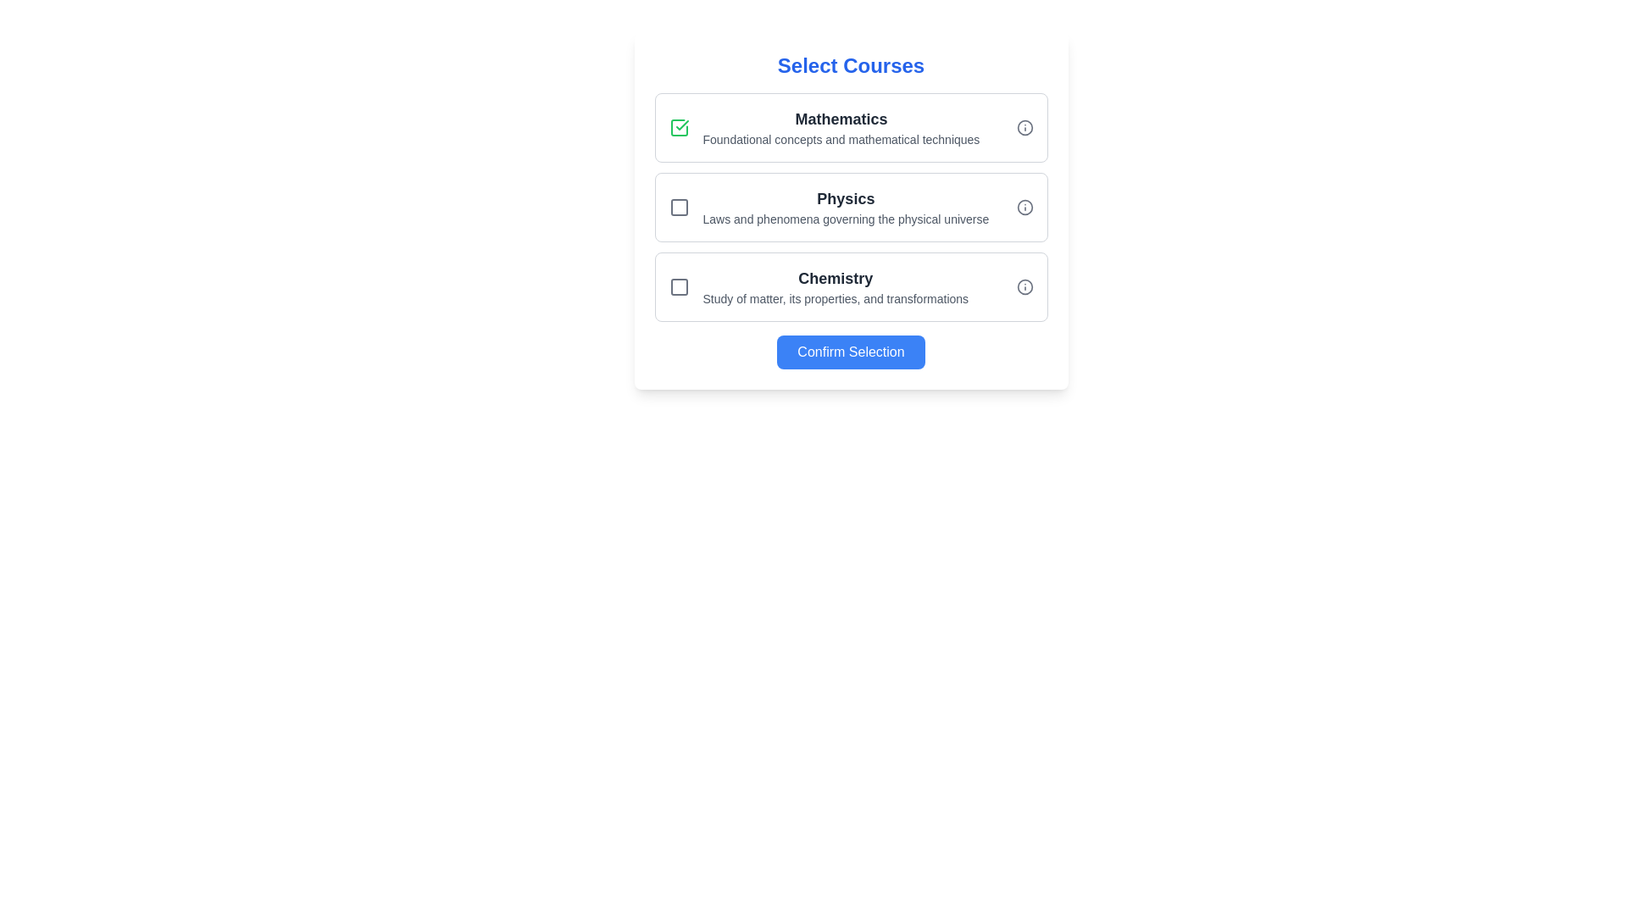 The image size is (1627, 915). What do you see at coordinates (679, 286) in the screenshot?
I see `the selection state icon for the 'Chemistry' option in the checkbox interface` at bounding box center [679, 286].